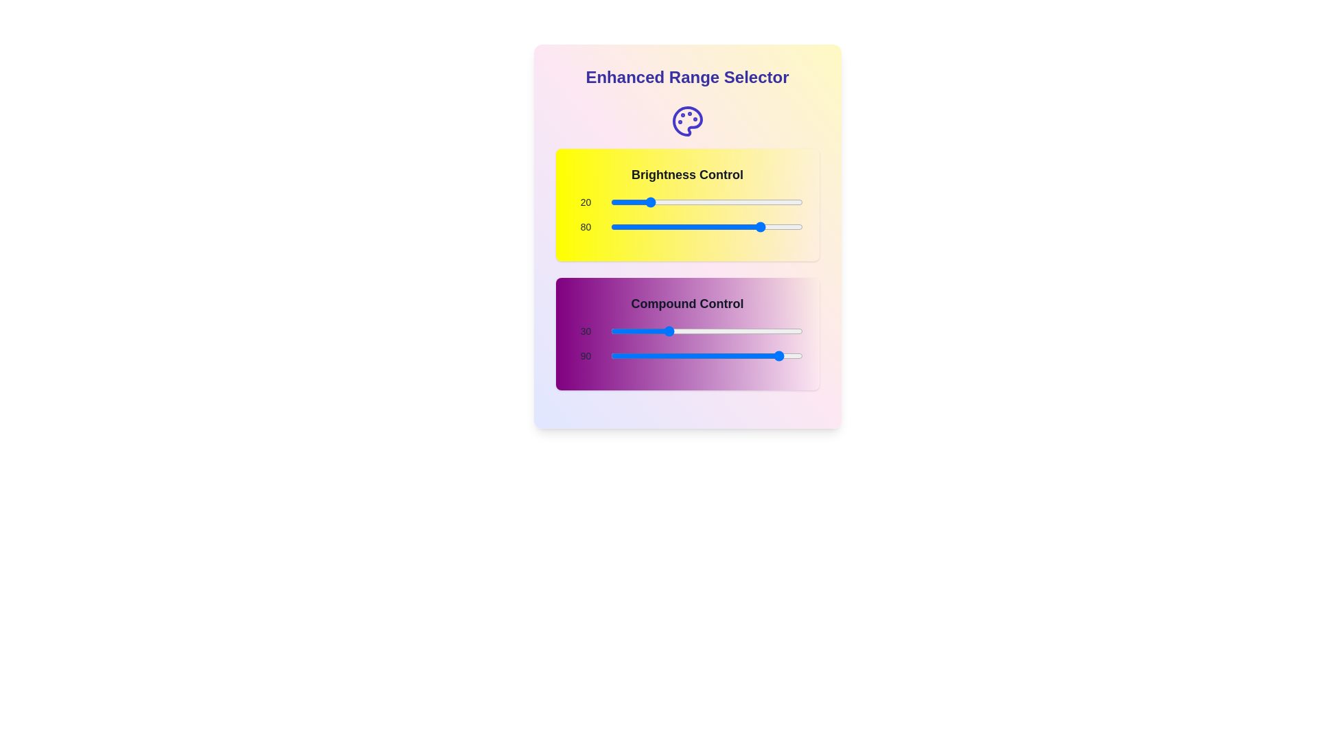  What do you see at coordinates (695, 331) in the screenshot?
I see `the 'Compound Control' slider to 45 by dragging it to the corresponding position` at bounding box center [695, 331].